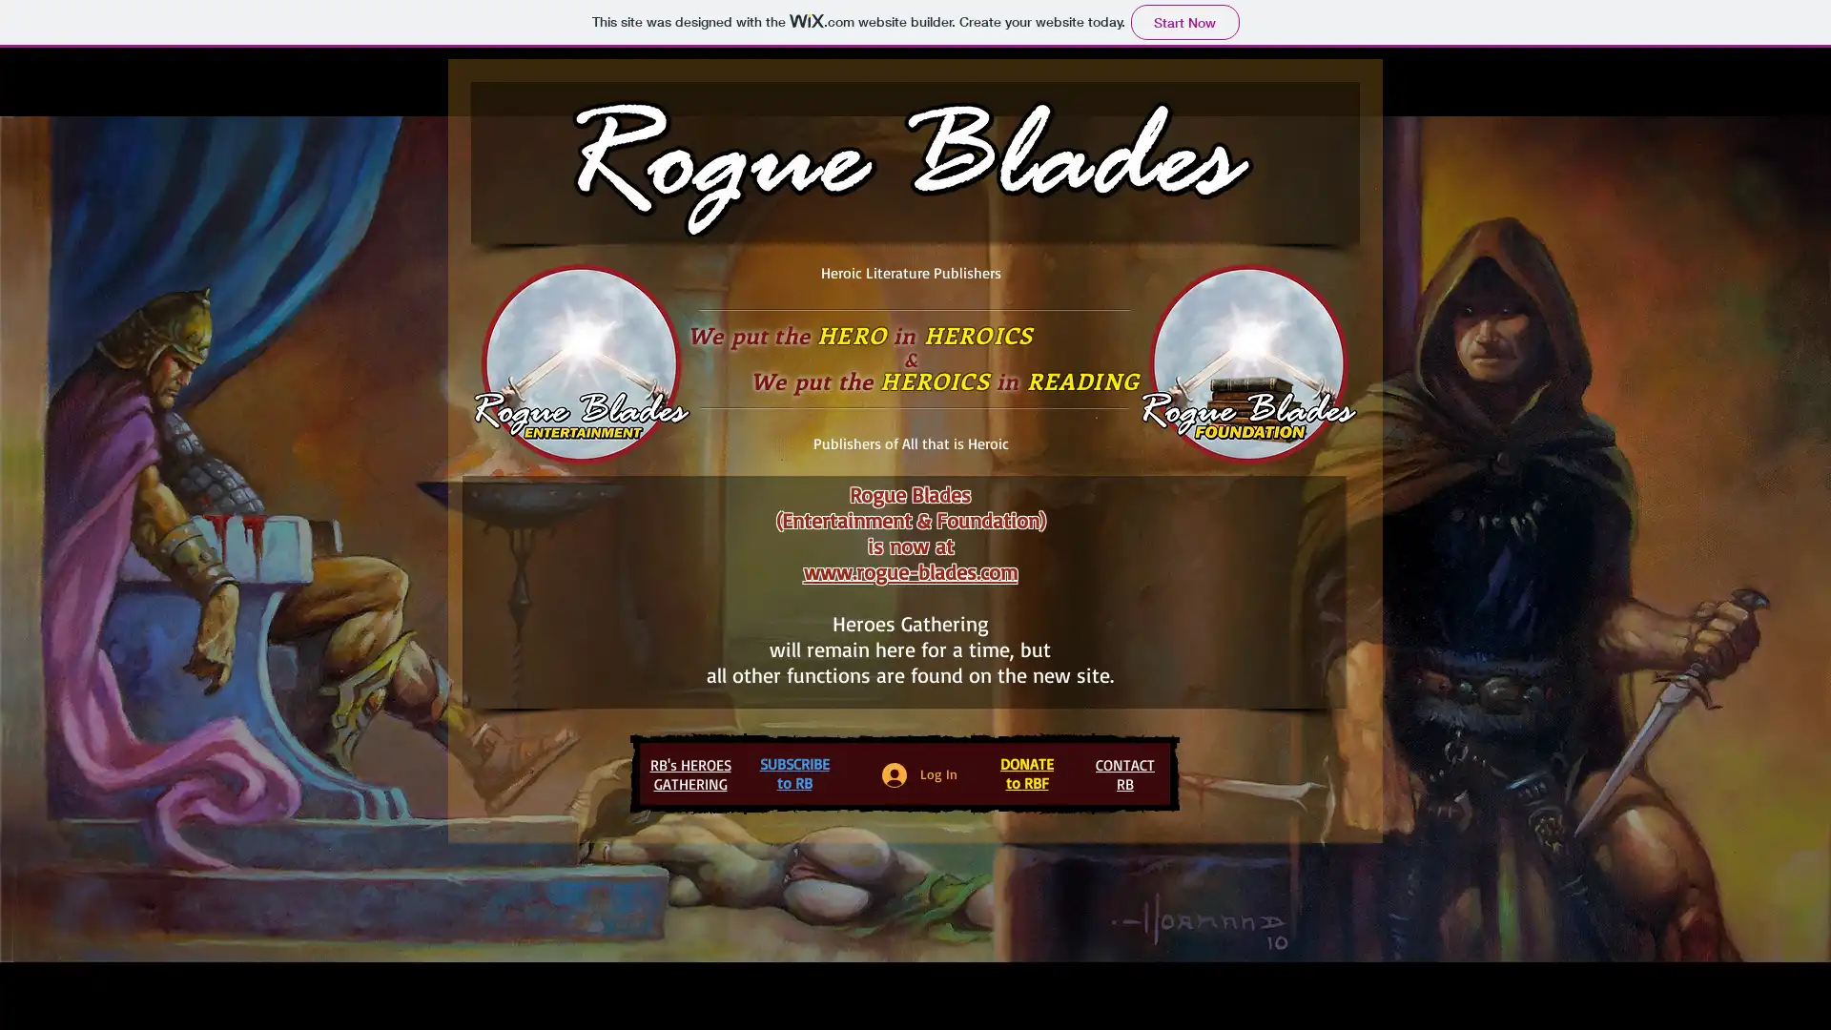 The image size is (1831, 1030). What do you see at coordinates (919, 774) in the screenshot?
I see `Log In` at bounding box center [919, 774].